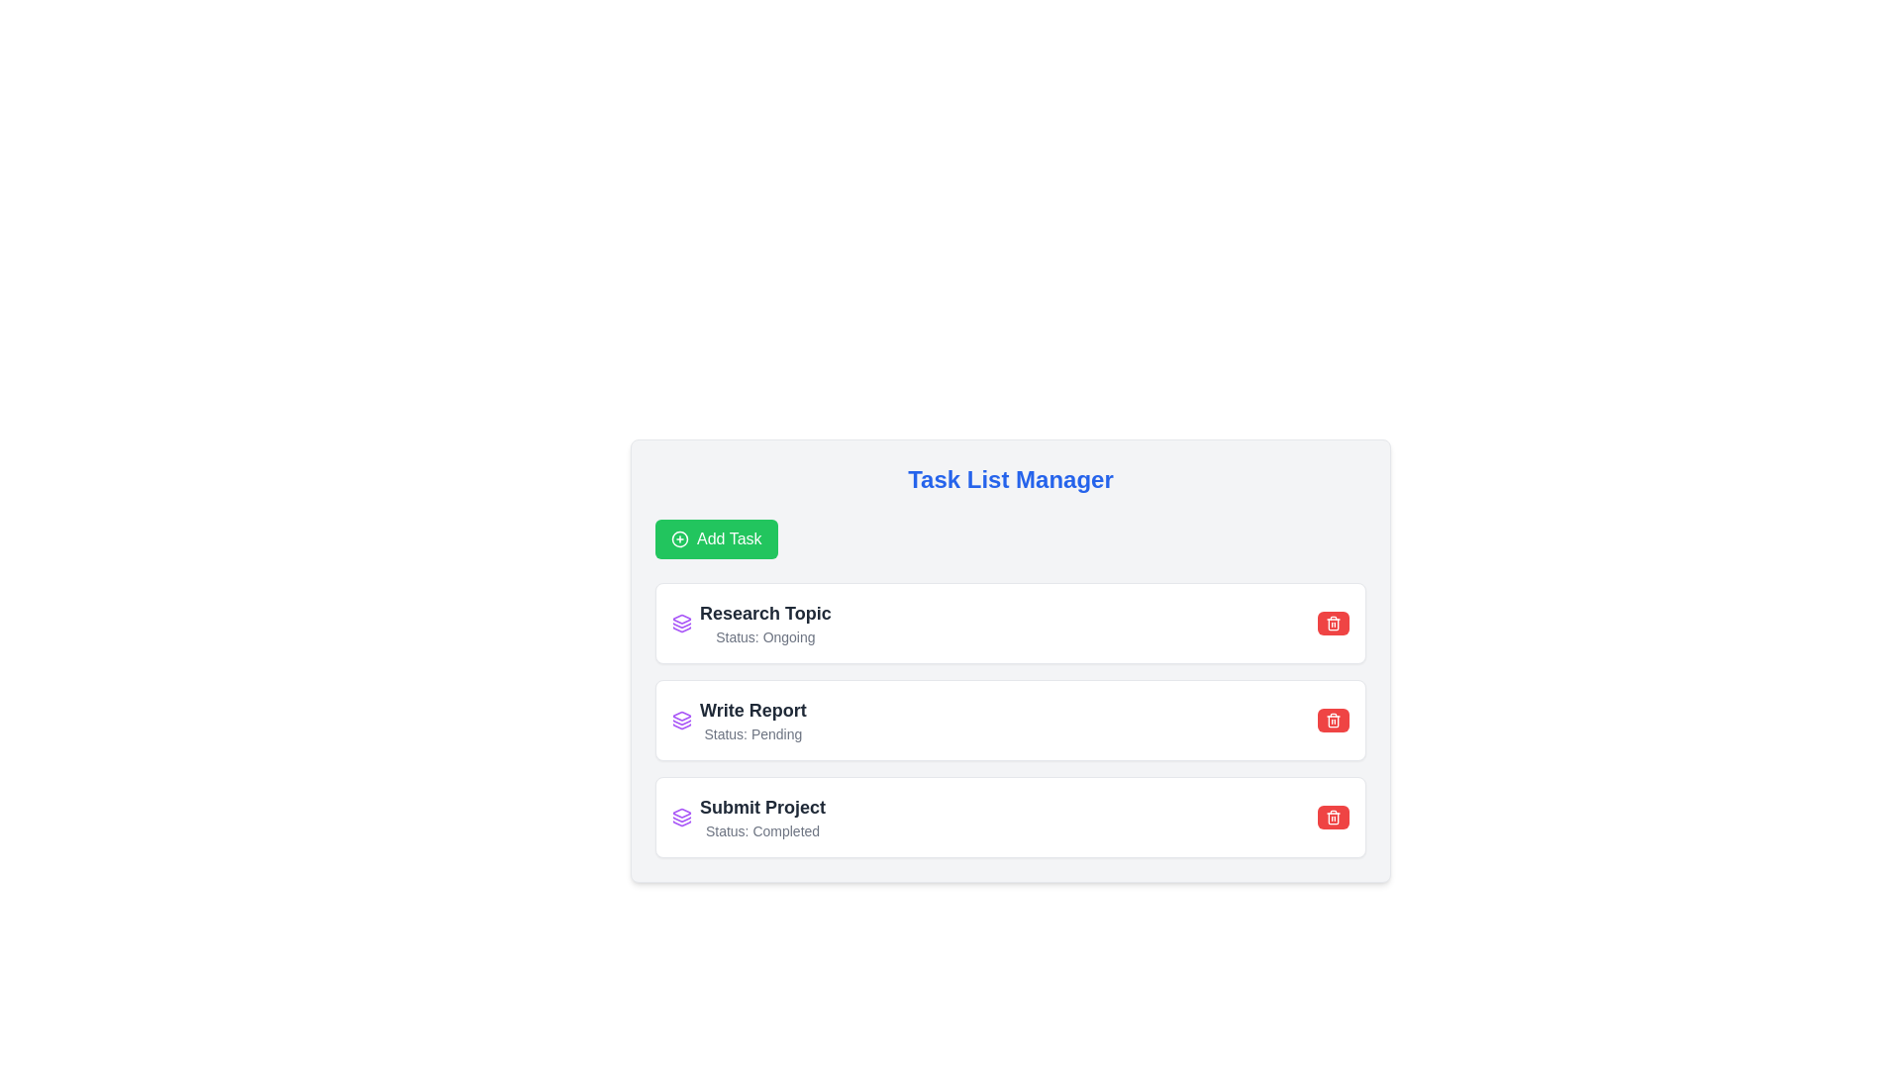 The height and width of the screenshot is (1069, 1901). What do you see at coordinates (715, 538) in the screenshot?
I see `the green 'Add Task' button located beneath the 'Task List Manager' heading` at bounding box center [715, 538].